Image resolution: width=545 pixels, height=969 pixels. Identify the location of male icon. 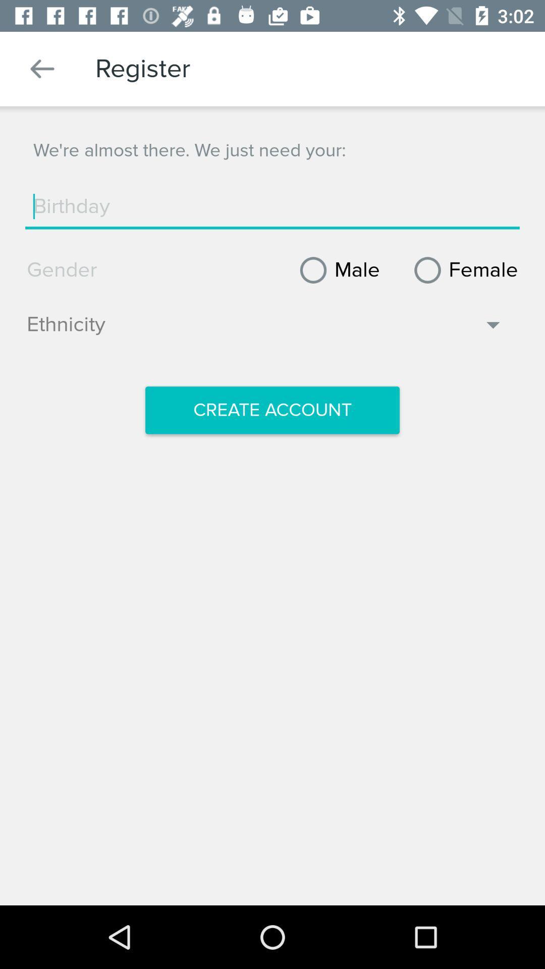
(336, 270).